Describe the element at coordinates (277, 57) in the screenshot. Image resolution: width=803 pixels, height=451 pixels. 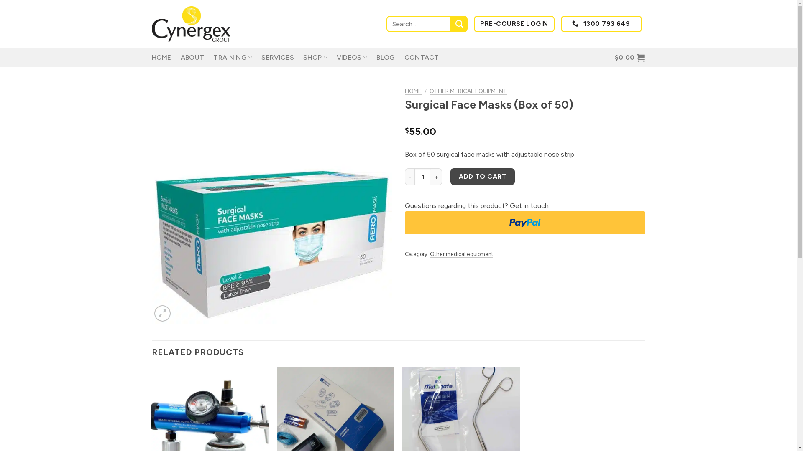
I see `'SERVICES'` at that location.